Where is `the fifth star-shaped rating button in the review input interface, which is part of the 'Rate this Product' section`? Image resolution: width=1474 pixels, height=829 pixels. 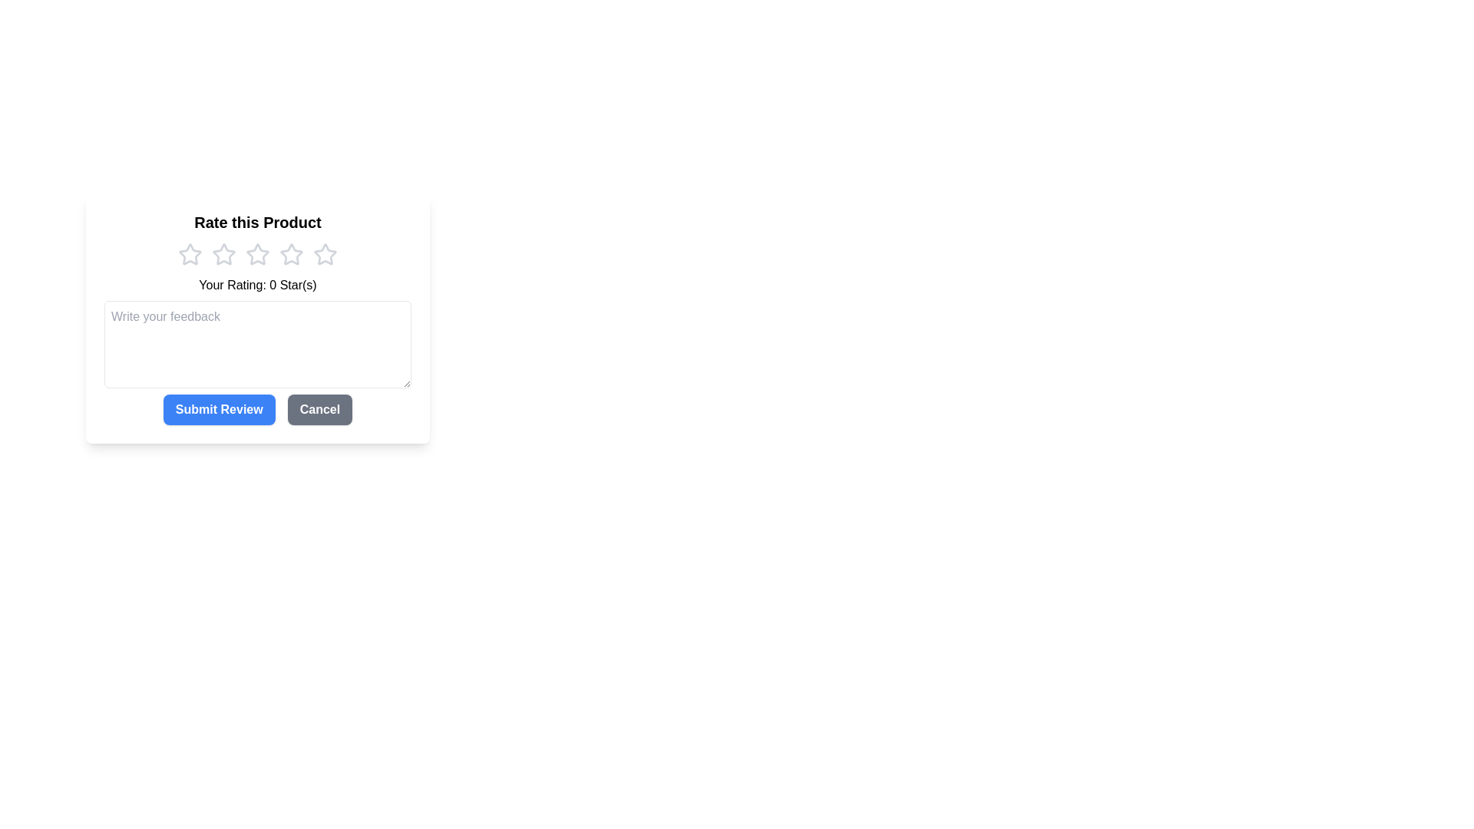 the fifth star-shaped rating button in the review input interface, which is part of the 'Rate this Product' section is located at coordinates (324, 253).